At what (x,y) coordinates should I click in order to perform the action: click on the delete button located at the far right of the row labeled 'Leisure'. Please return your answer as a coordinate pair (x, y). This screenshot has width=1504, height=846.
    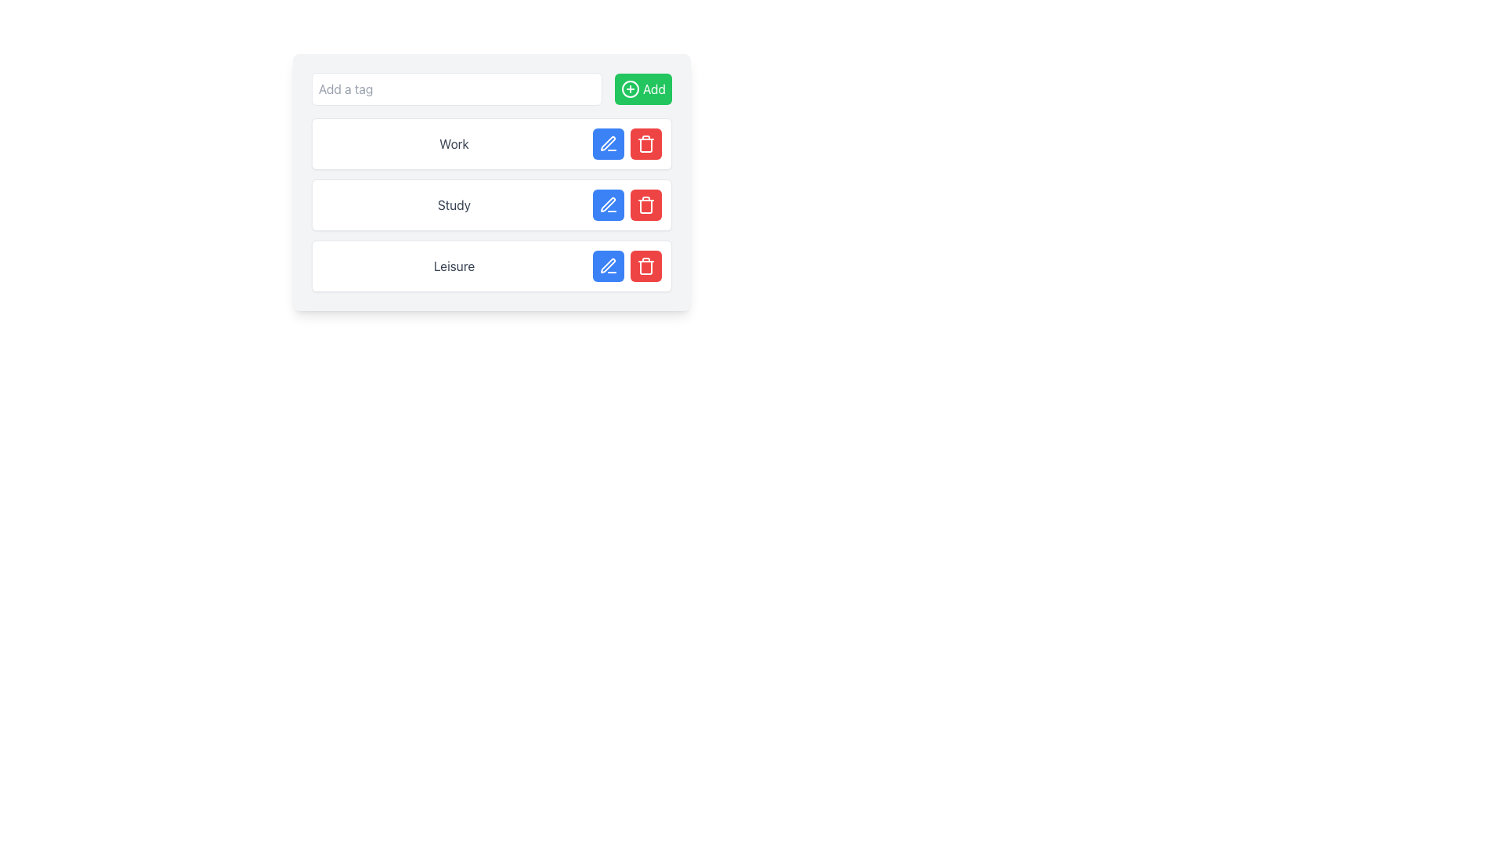
    Looking at the image, I should click on (646, 265).